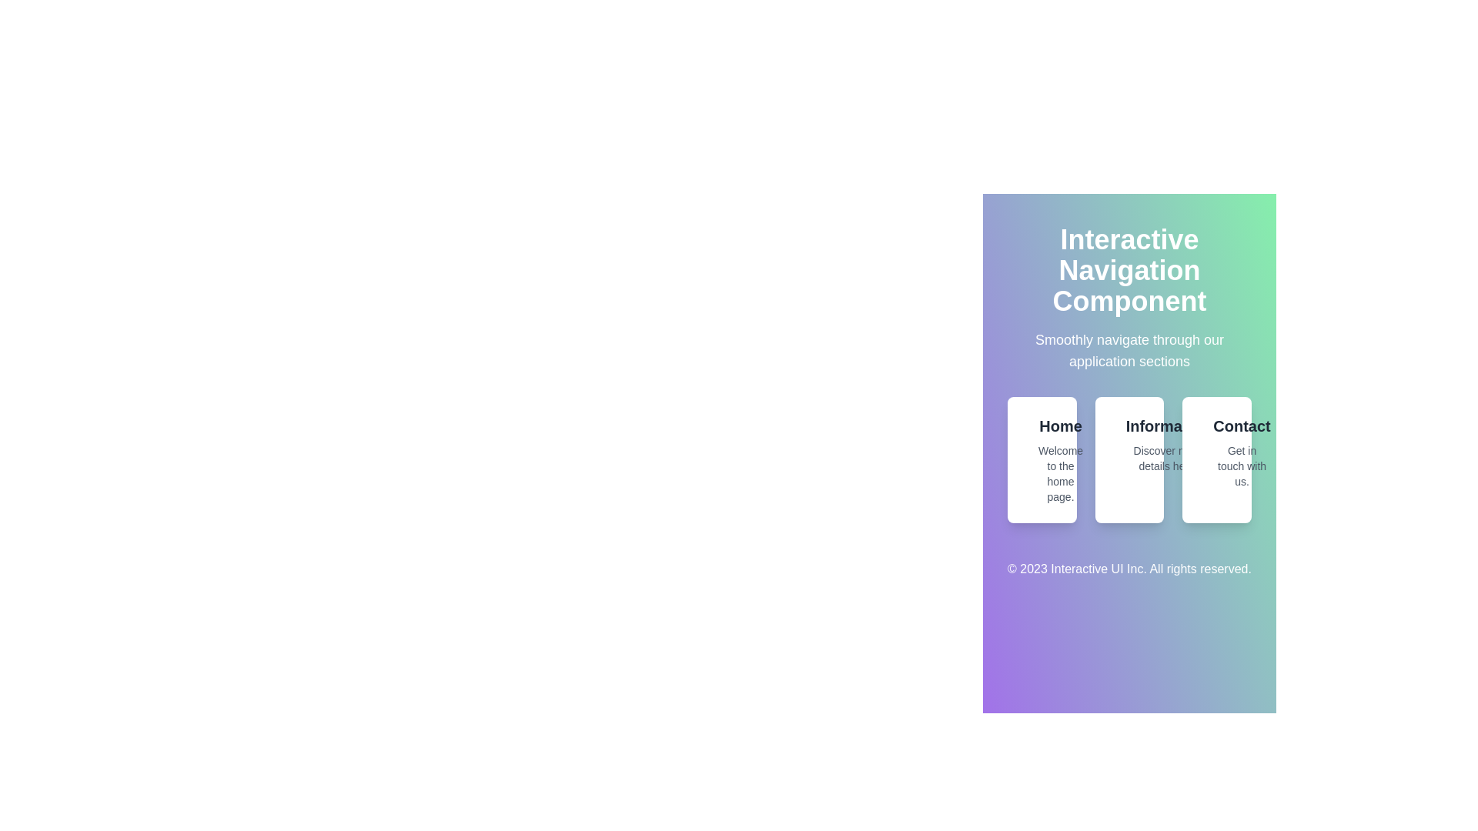  Describe the element at coordinates (1168, 445) in the screenshot. I see `the Text group within the second card component` at that location.